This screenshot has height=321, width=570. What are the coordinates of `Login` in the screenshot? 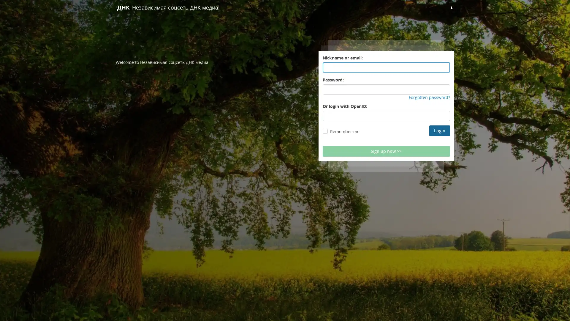 It's located at (440, 130).